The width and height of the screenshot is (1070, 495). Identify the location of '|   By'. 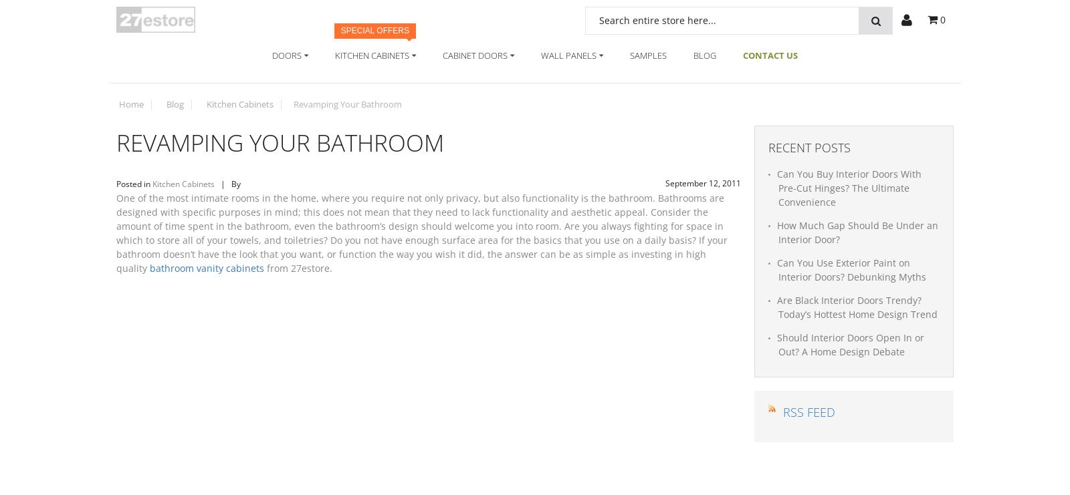
(228, 183).